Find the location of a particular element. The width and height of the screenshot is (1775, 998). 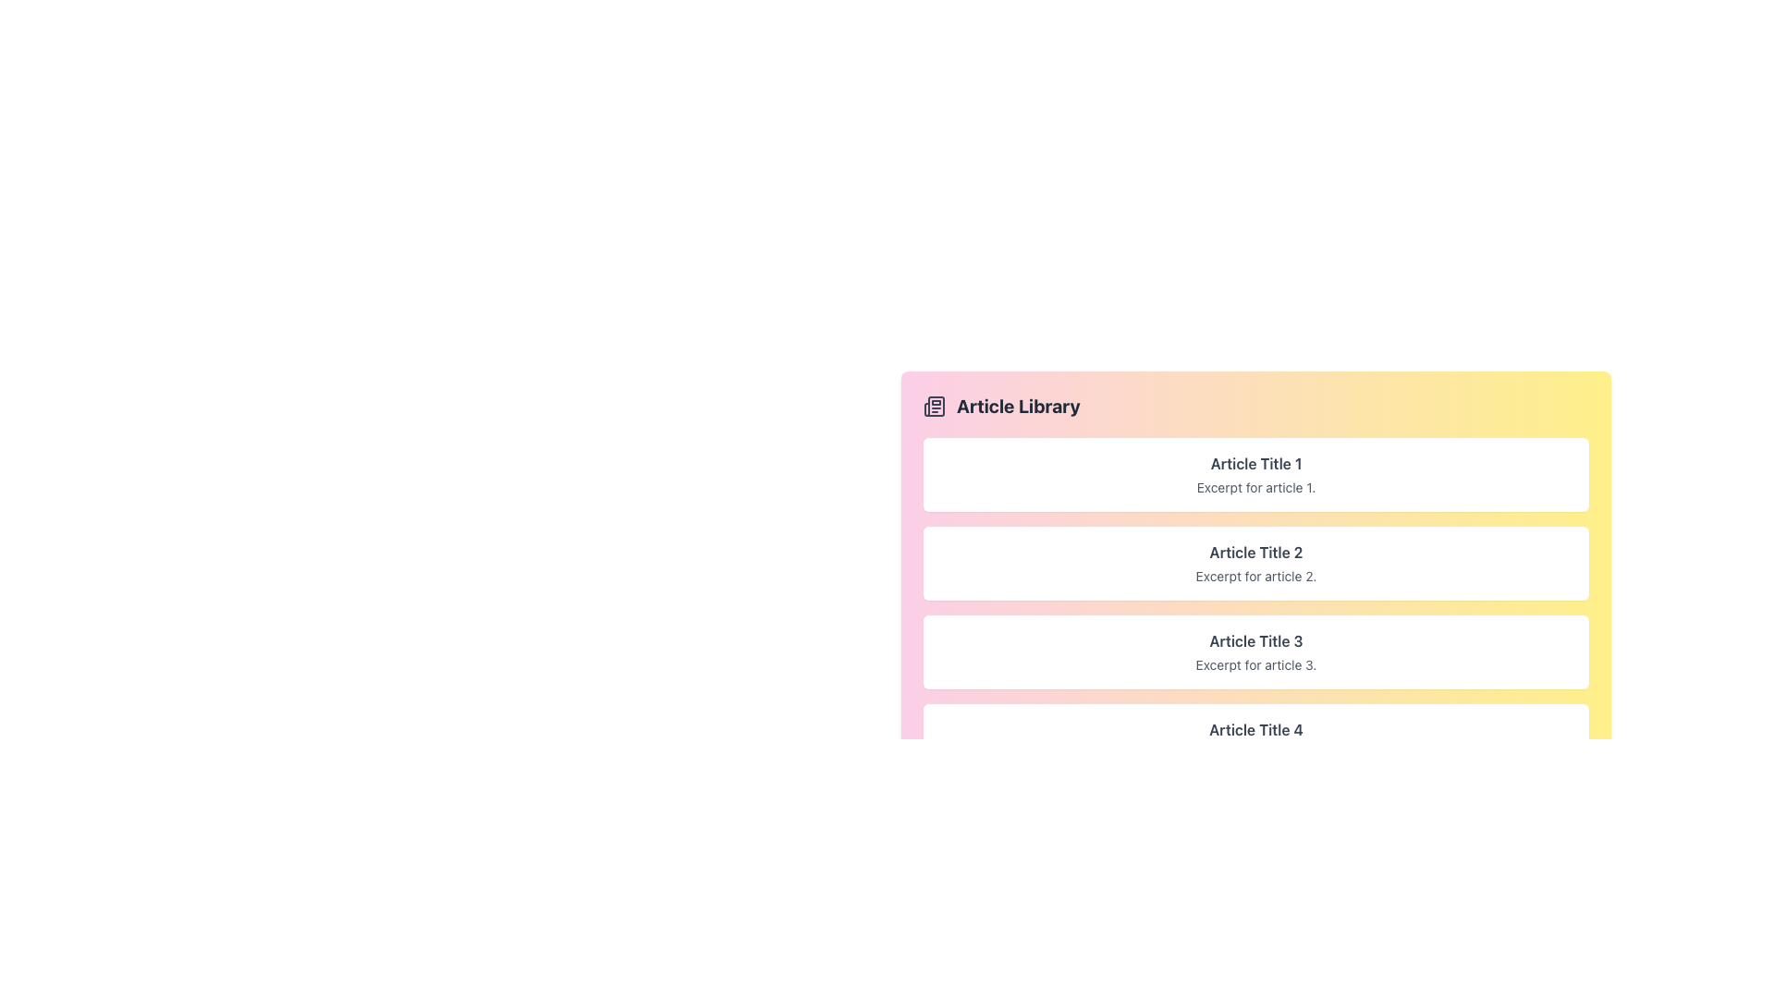

the third card titled 'Article Title 3' in the 'Article Library' is located at coordinates (1255, 651).